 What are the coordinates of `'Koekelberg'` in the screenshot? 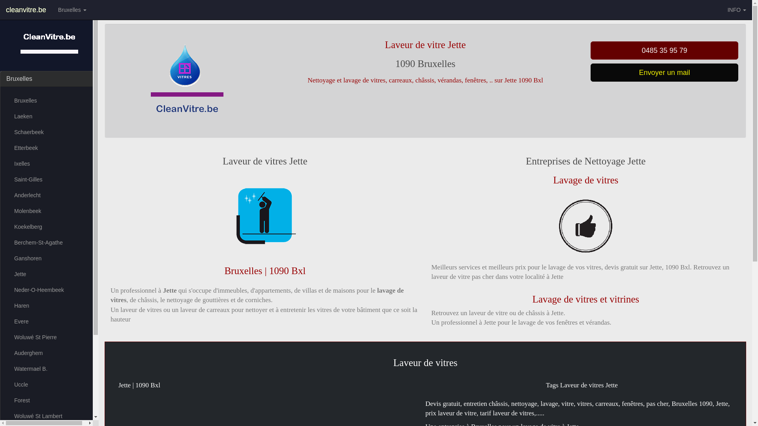 It's located at (49, 226).